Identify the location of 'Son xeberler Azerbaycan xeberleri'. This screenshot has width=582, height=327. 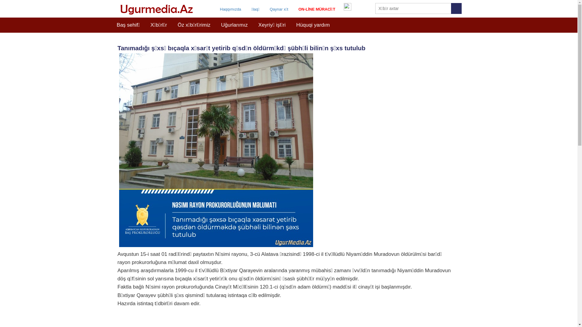
(116, 9).